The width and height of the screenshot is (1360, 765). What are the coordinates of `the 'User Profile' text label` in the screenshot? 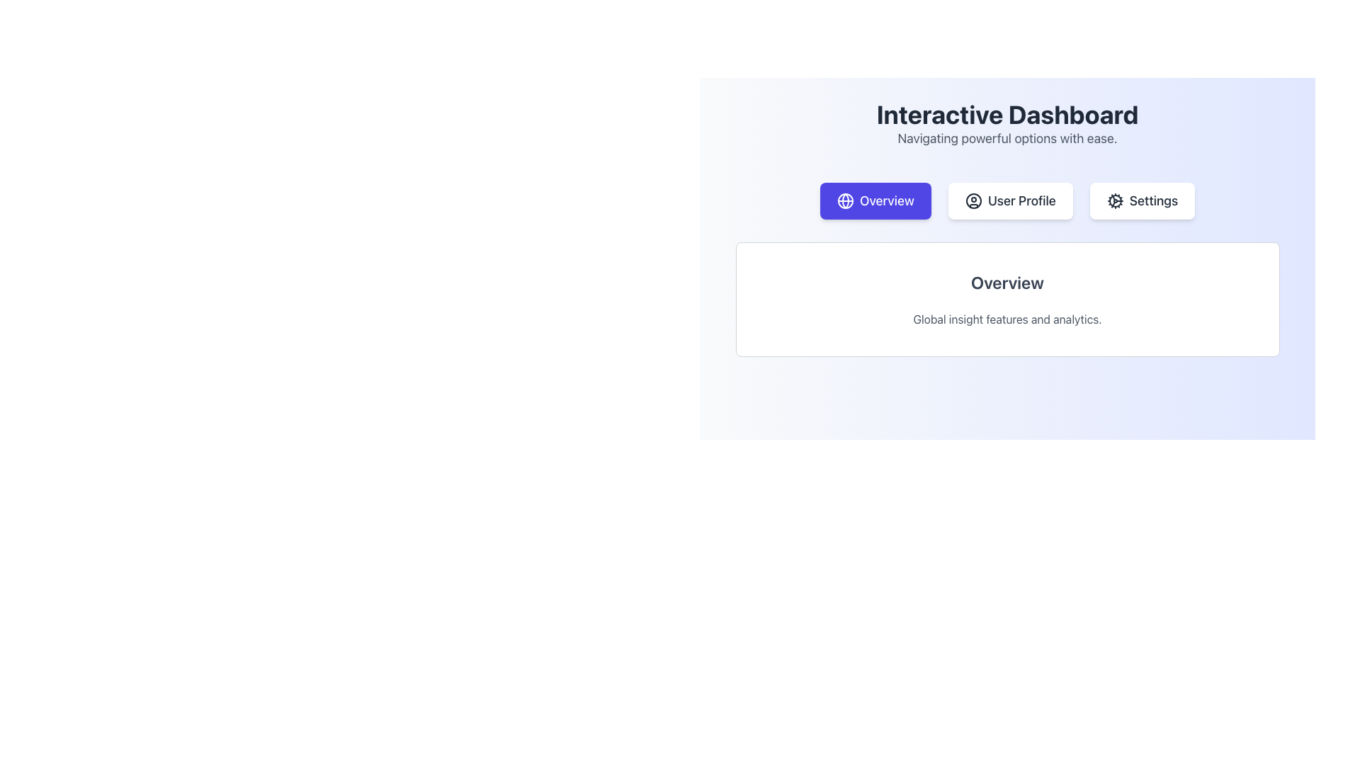 It's located at (1021, 201).